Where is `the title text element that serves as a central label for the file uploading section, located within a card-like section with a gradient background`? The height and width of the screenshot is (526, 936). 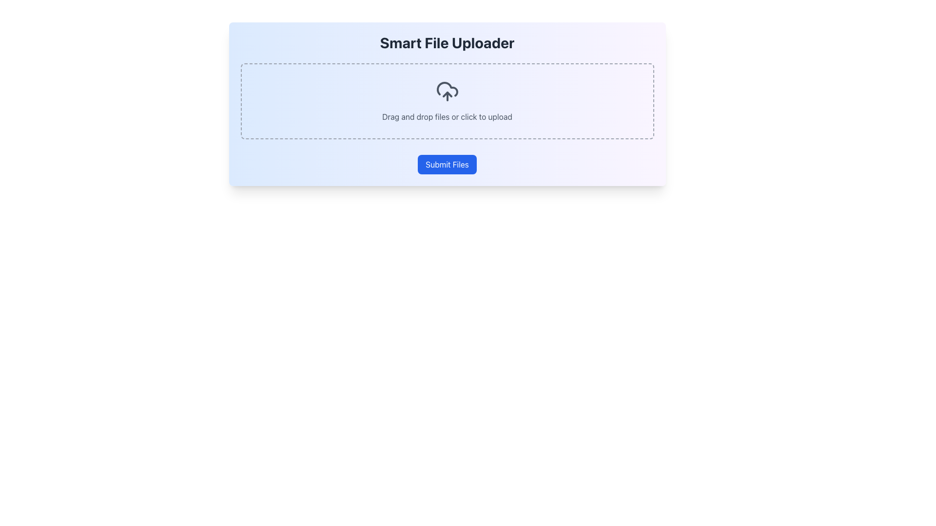
the title text element that serves as a central label for the file uploading section, located within a card-like section with a gradient background is located at coordinates (447, 42).